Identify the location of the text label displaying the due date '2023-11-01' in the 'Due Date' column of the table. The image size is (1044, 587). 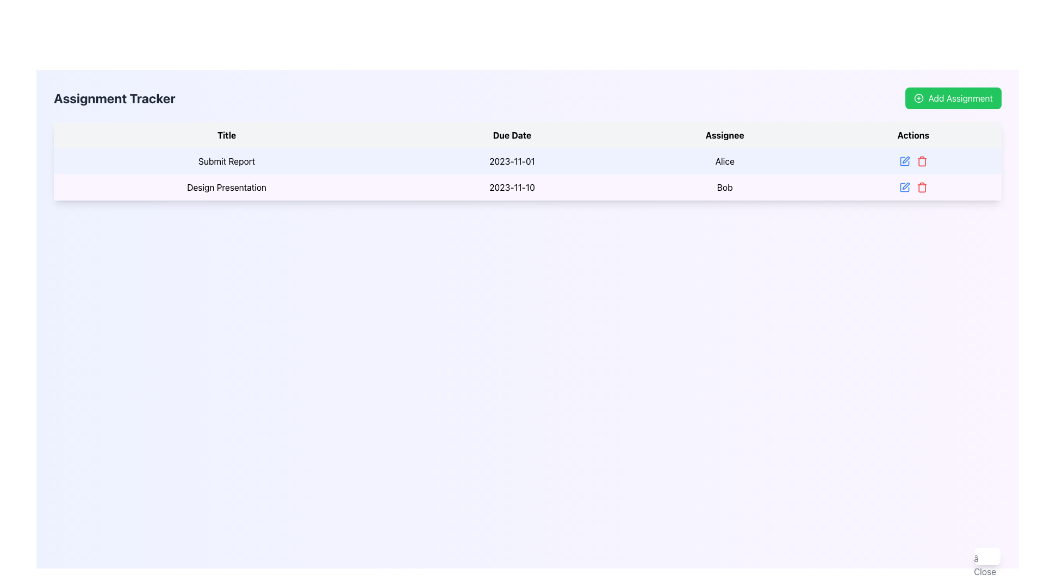
(511, 161).